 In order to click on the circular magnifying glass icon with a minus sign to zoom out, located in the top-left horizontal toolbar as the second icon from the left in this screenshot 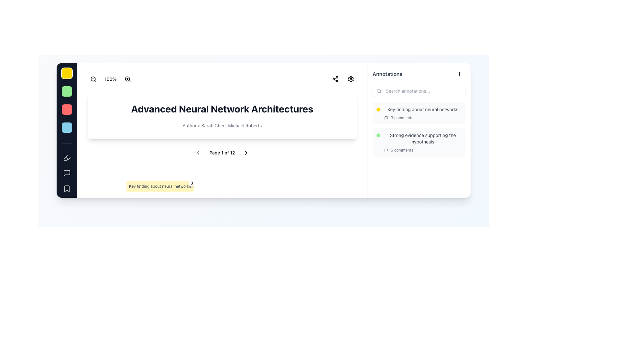, I will do `click(93, 79)`.